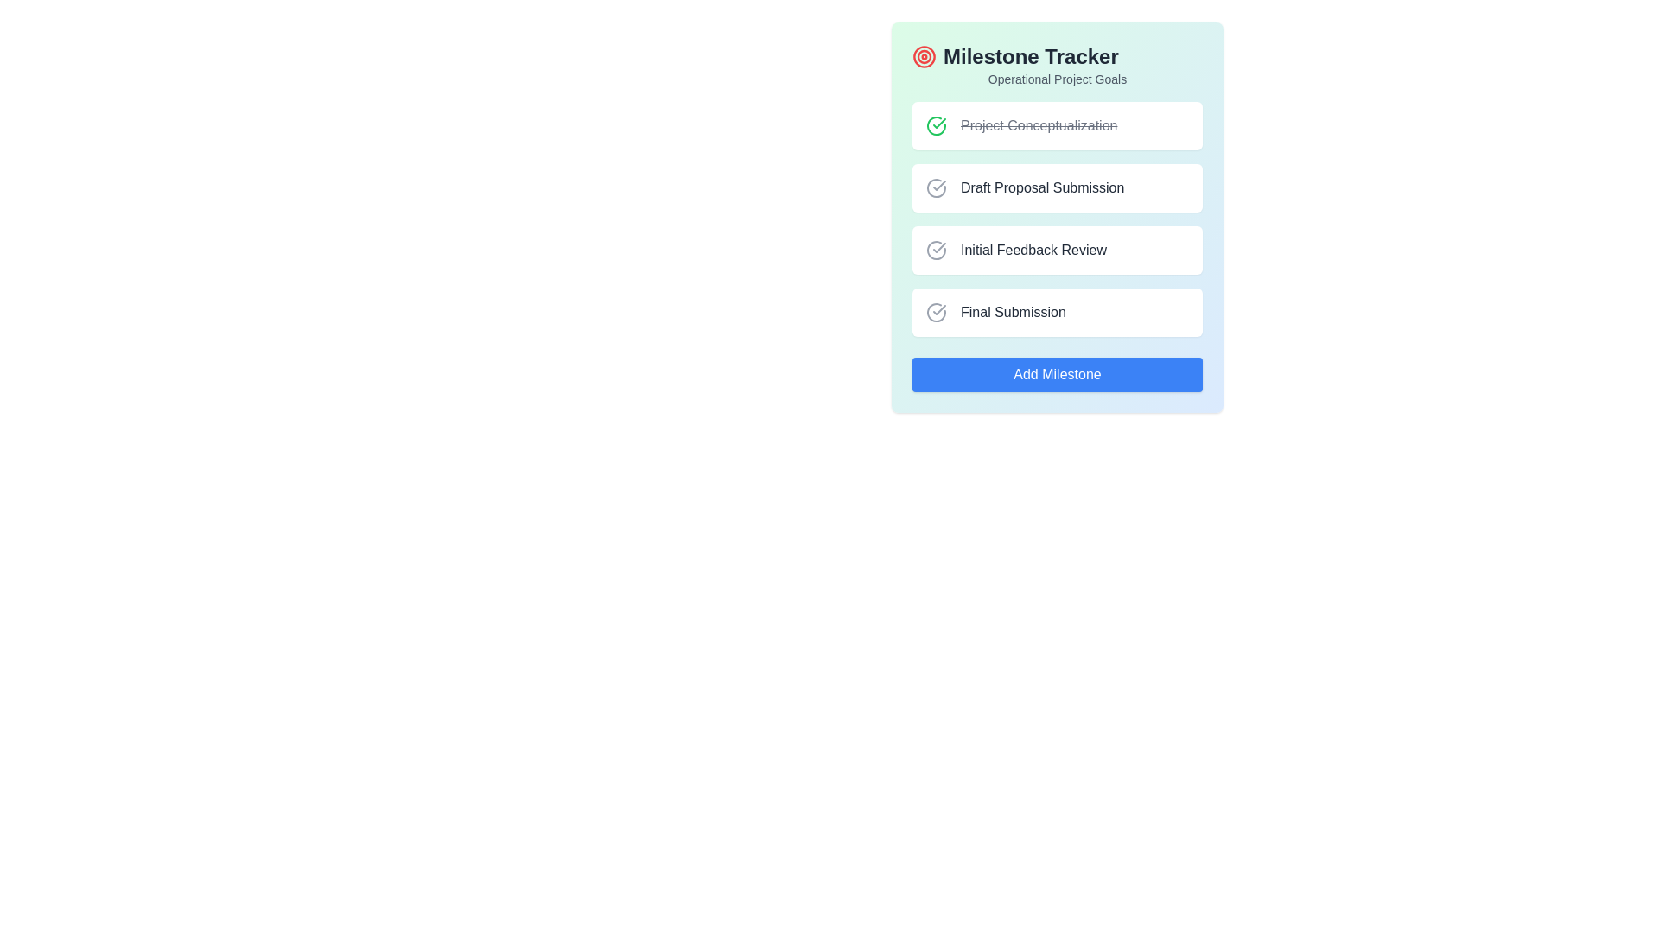  I want to click on the tick-shaped segment of the checkmark icon representing the completion of the 'Project Conceptualization' task, so click(938, 122).